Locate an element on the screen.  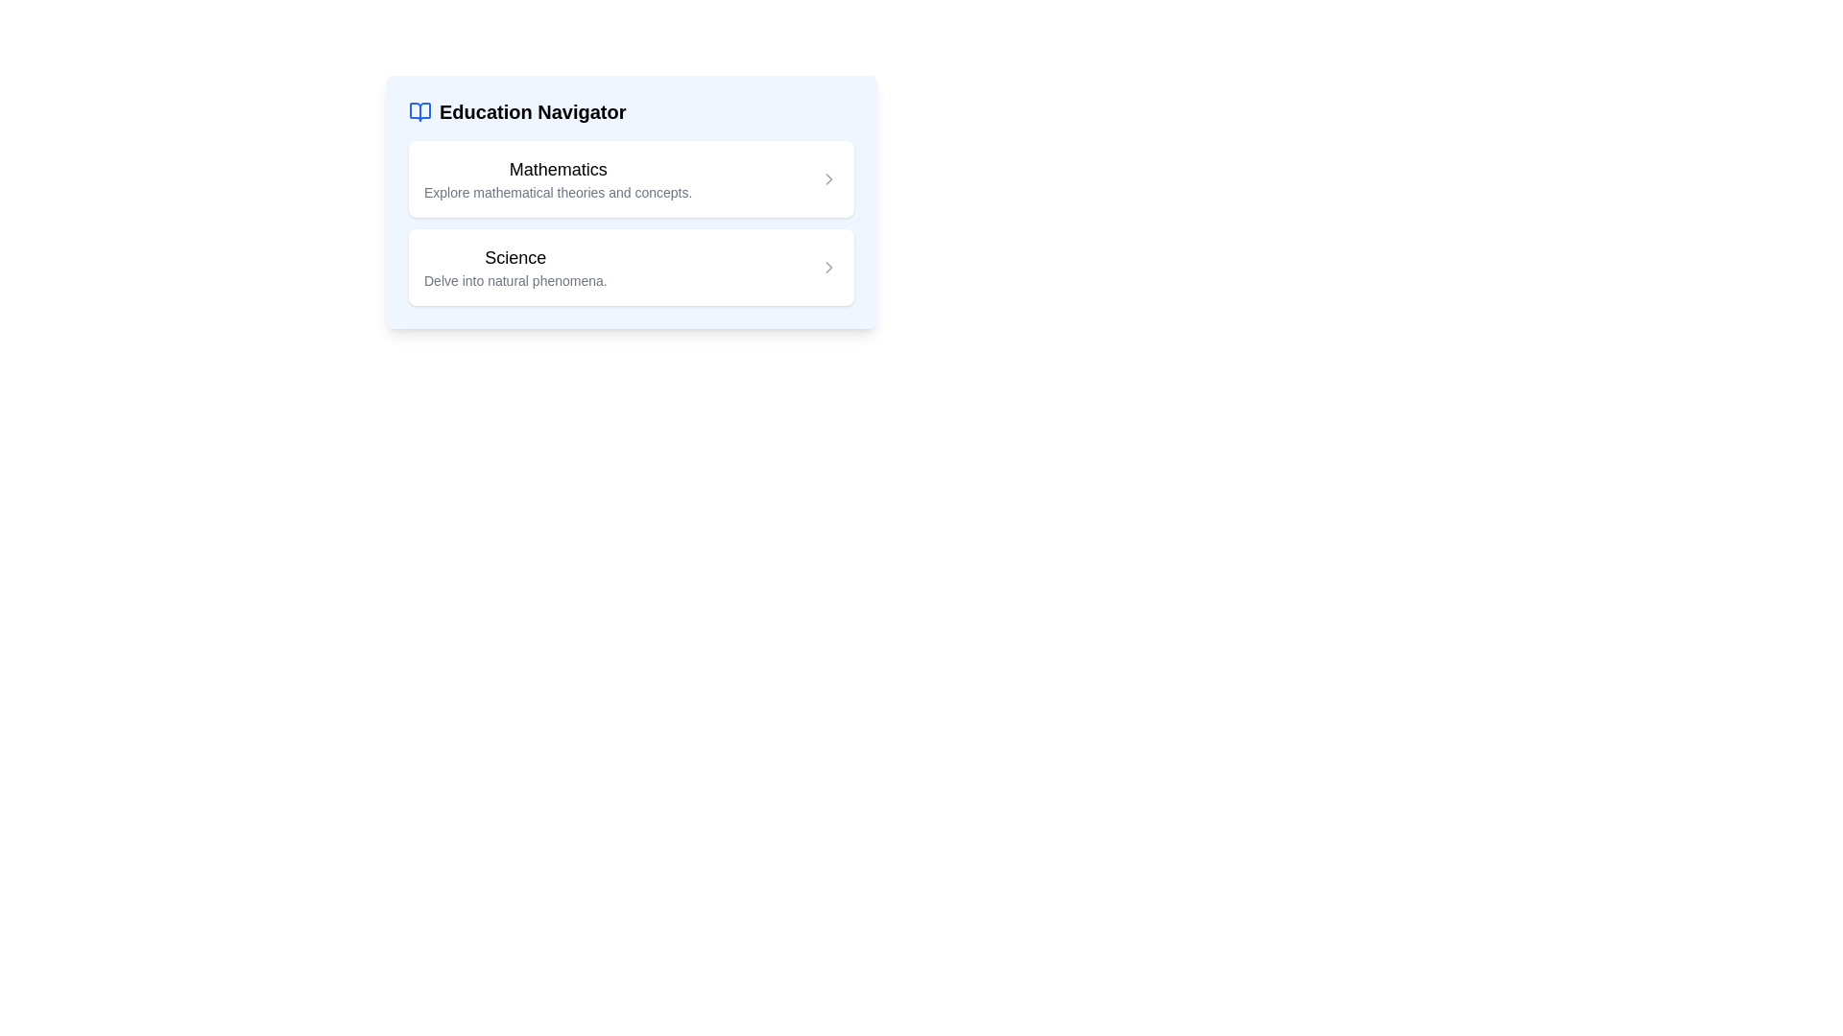
the Chevron icon located in the bottom right area of the 'Science' card, which indicates a navigational action is located at coordinates (829, 267).